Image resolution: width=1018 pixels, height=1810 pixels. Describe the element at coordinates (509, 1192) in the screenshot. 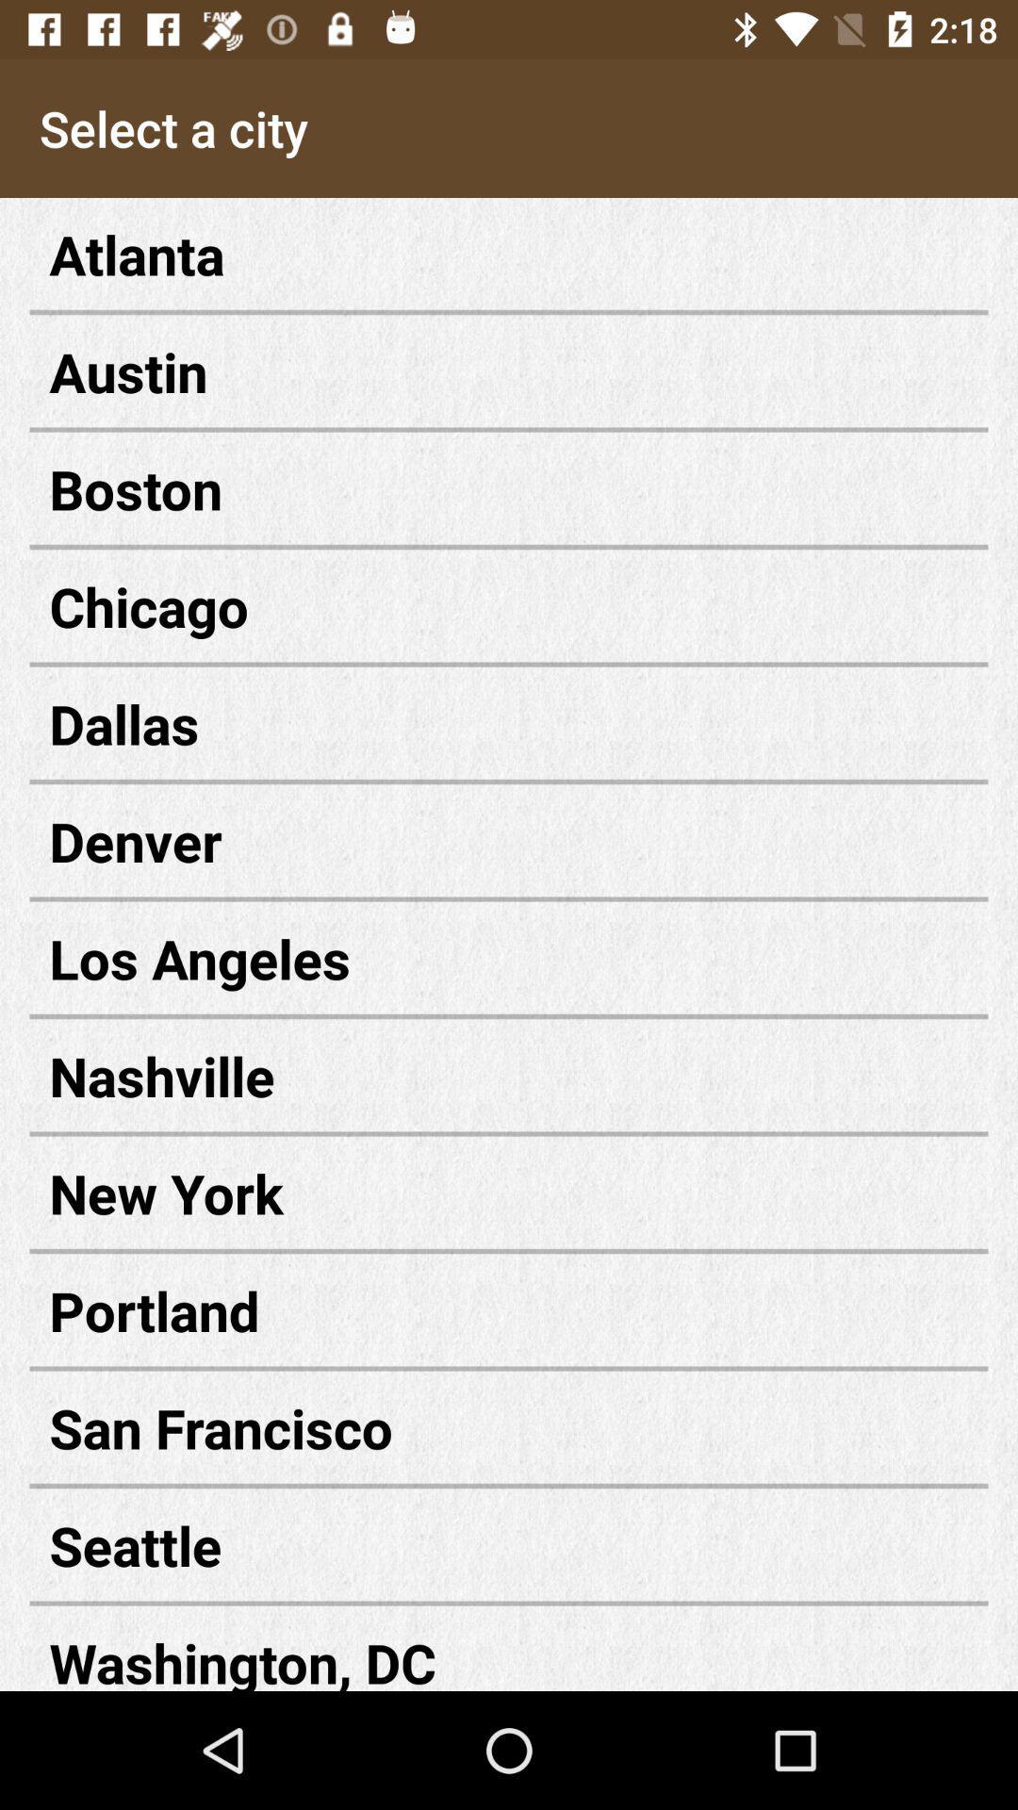

I see `item below the nashville item` at that location.